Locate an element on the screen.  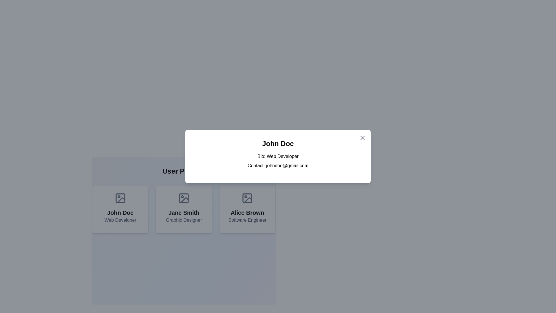
the mini rectangle with rounded corners inside the icon representing an image placeholder for 'Jane Smith' in the 'User Profiles' section, which is the second profile card is located at coordinates (183, 198).